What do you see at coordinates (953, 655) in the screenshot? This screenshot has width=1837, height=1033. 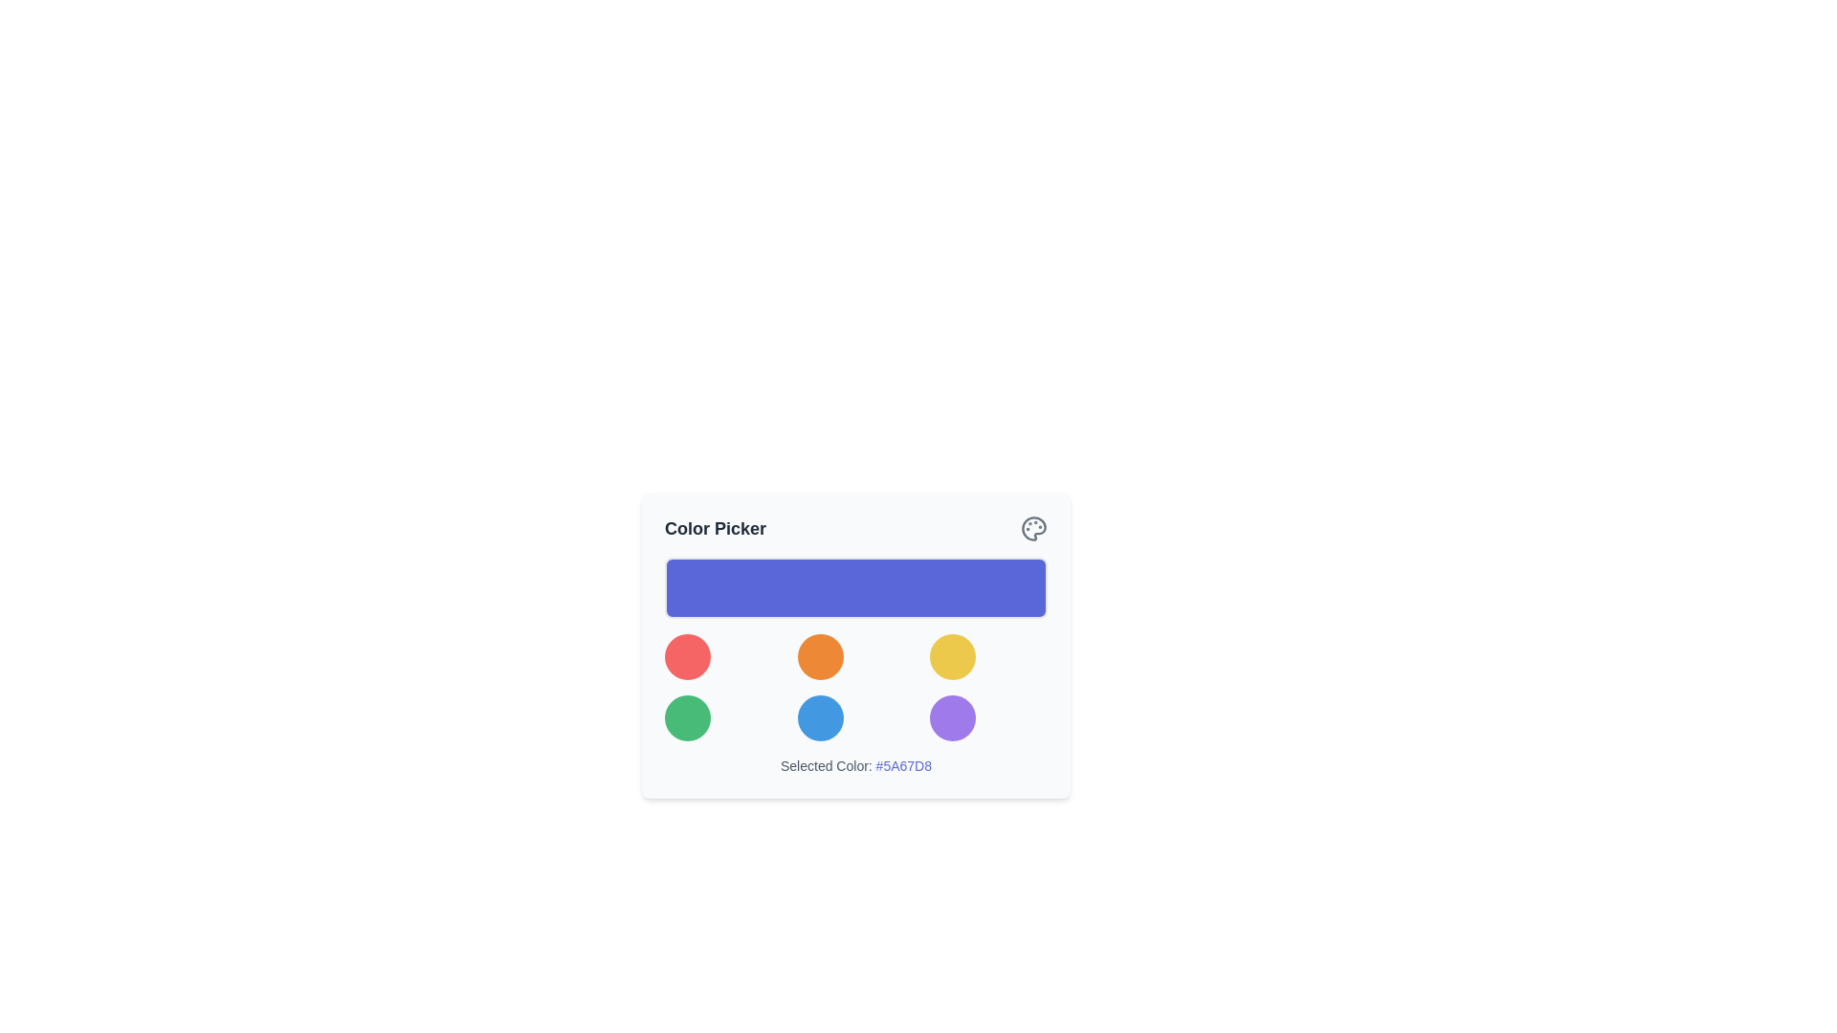 I see `the circular interactive button located in the top-right corner for selecting the yellow color` at bounding box center [953, 655].